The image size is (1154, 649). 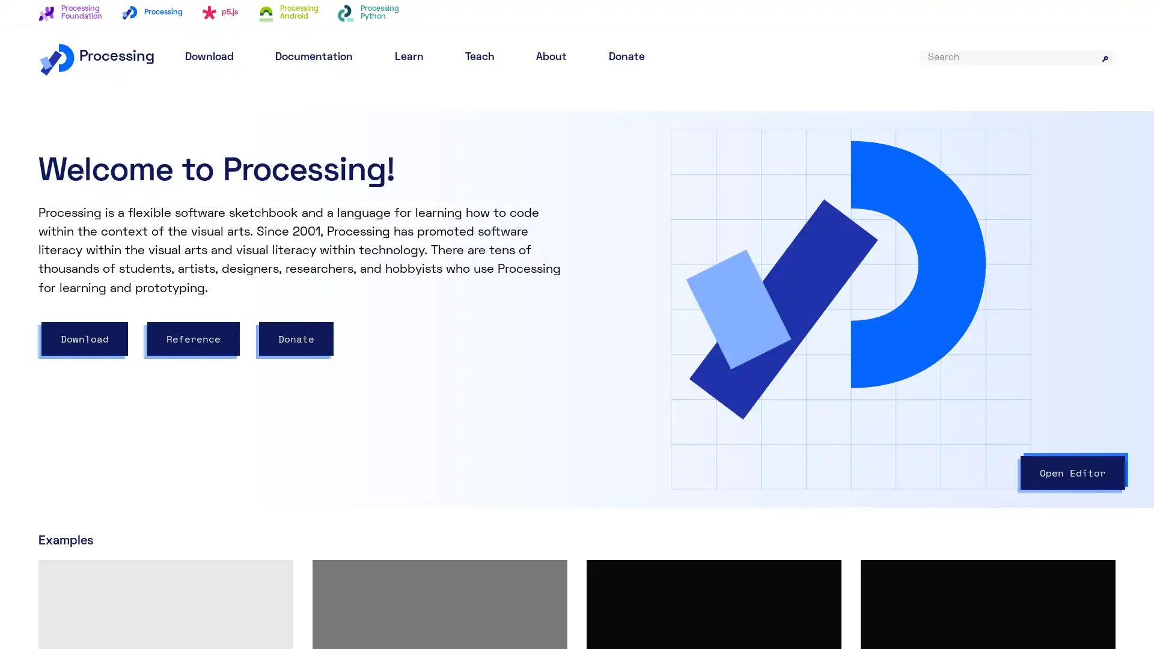 What do you see at coordinates (654, 356) in the screenshot?
I see `change position` at bounding box center [654, 356].